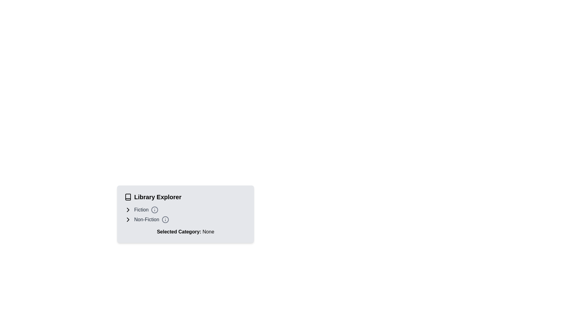  I want to click on the circular icon with an information symbol located immediately to the right of the label 'Fiction' in the 'Library Explorer' section, so click(155, 209).